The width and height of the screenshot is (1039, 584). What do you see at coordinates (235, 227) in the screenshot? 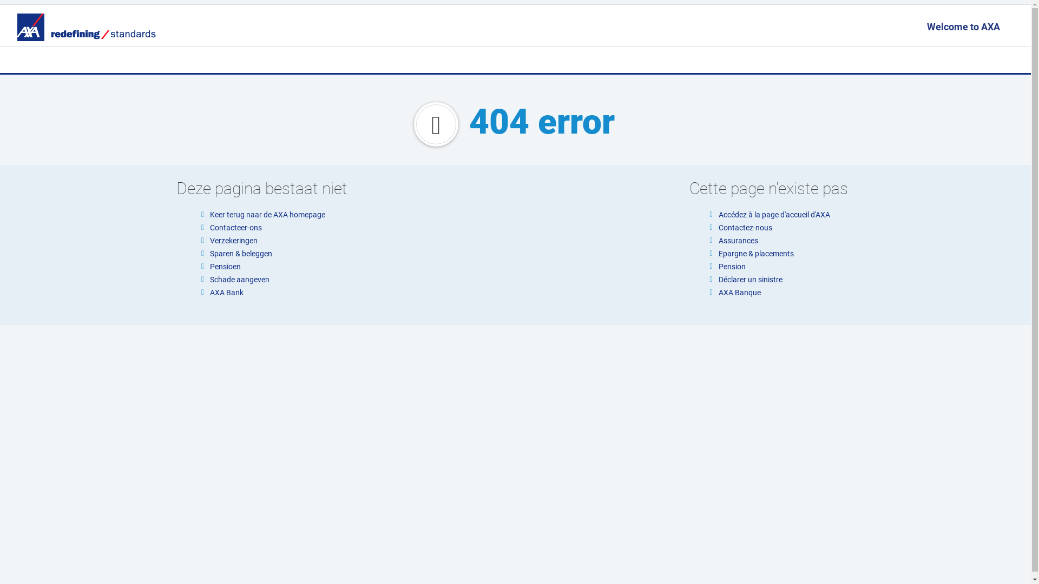
I see `'Contacteer-ons'` at bounding box center [235, 227].